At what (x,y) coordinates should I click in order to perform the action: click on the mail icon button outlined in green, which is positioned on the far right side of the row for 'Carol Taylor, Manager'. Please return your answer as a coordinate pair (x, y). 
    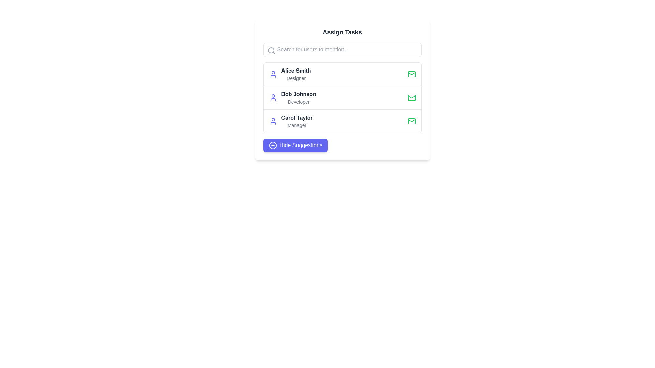
    Looking at the image, I should click on (411, 121).